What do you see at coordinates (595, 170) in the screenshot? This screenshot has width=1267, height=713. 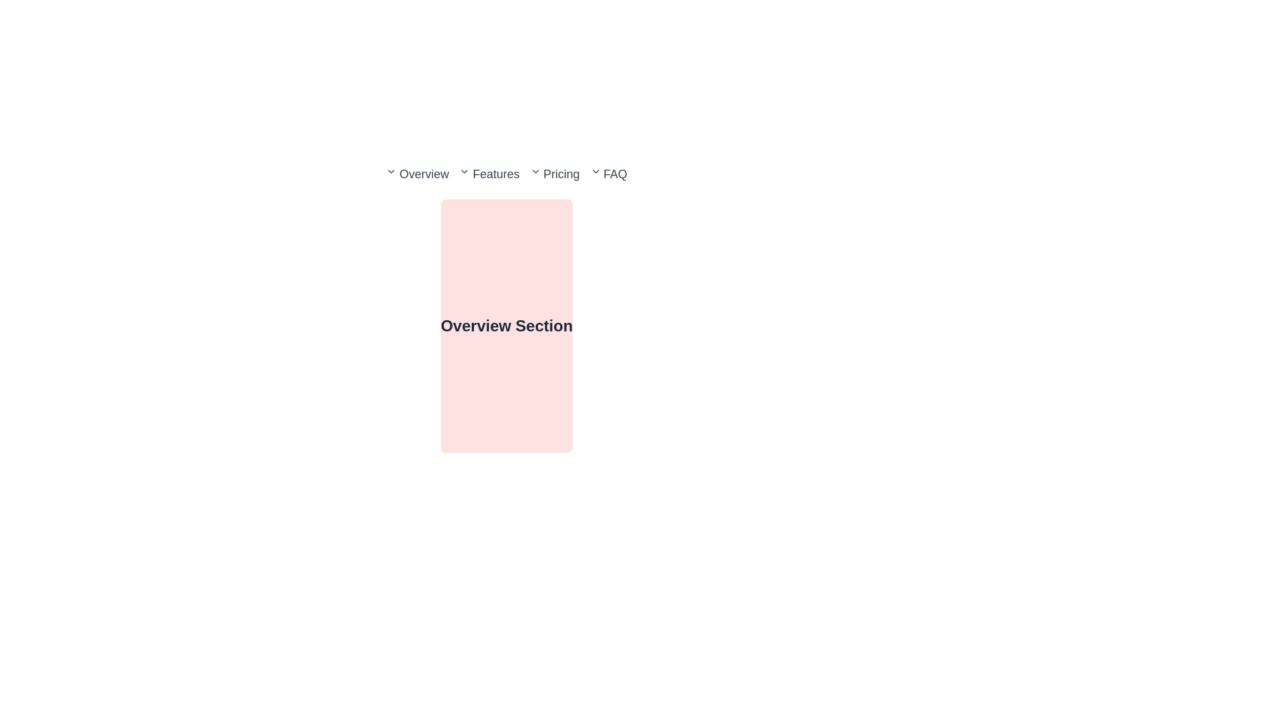 I see `keyboard navigation` at bounding box center [595, 170].